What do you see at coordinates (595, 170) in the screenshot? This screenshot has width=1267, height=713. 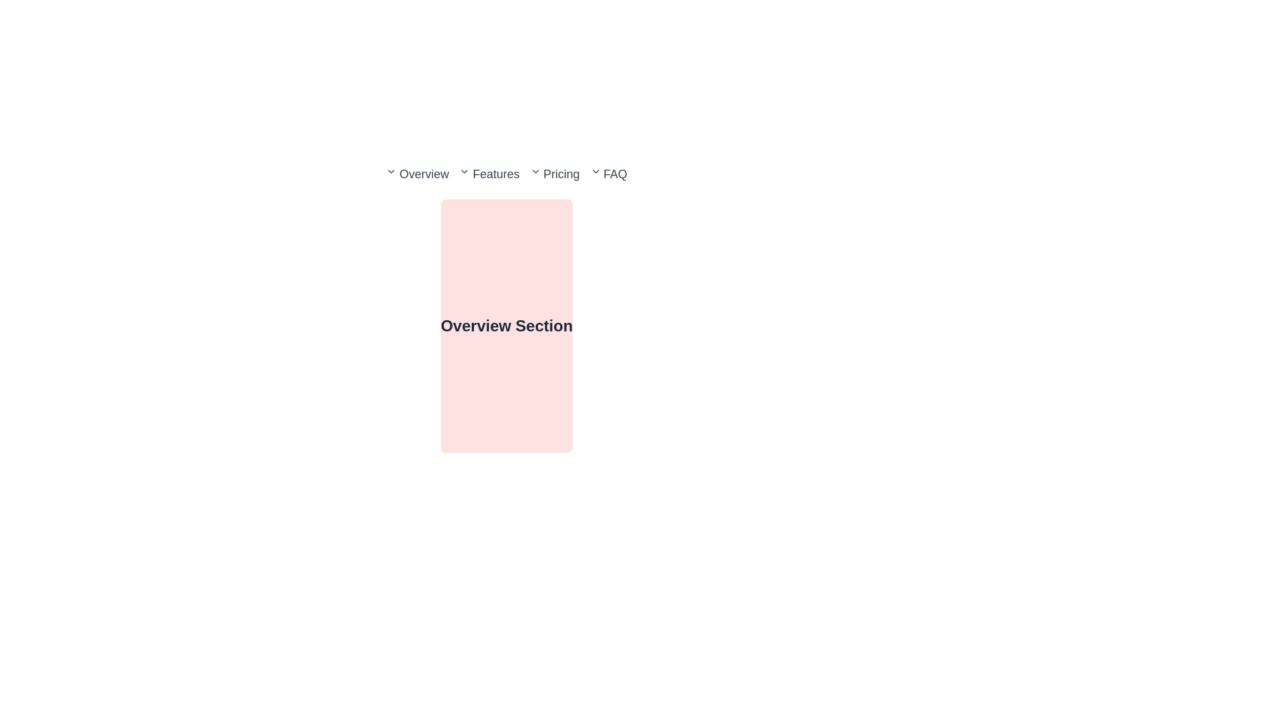 I see `keyboard navigation` at bounding box center [595, 170].